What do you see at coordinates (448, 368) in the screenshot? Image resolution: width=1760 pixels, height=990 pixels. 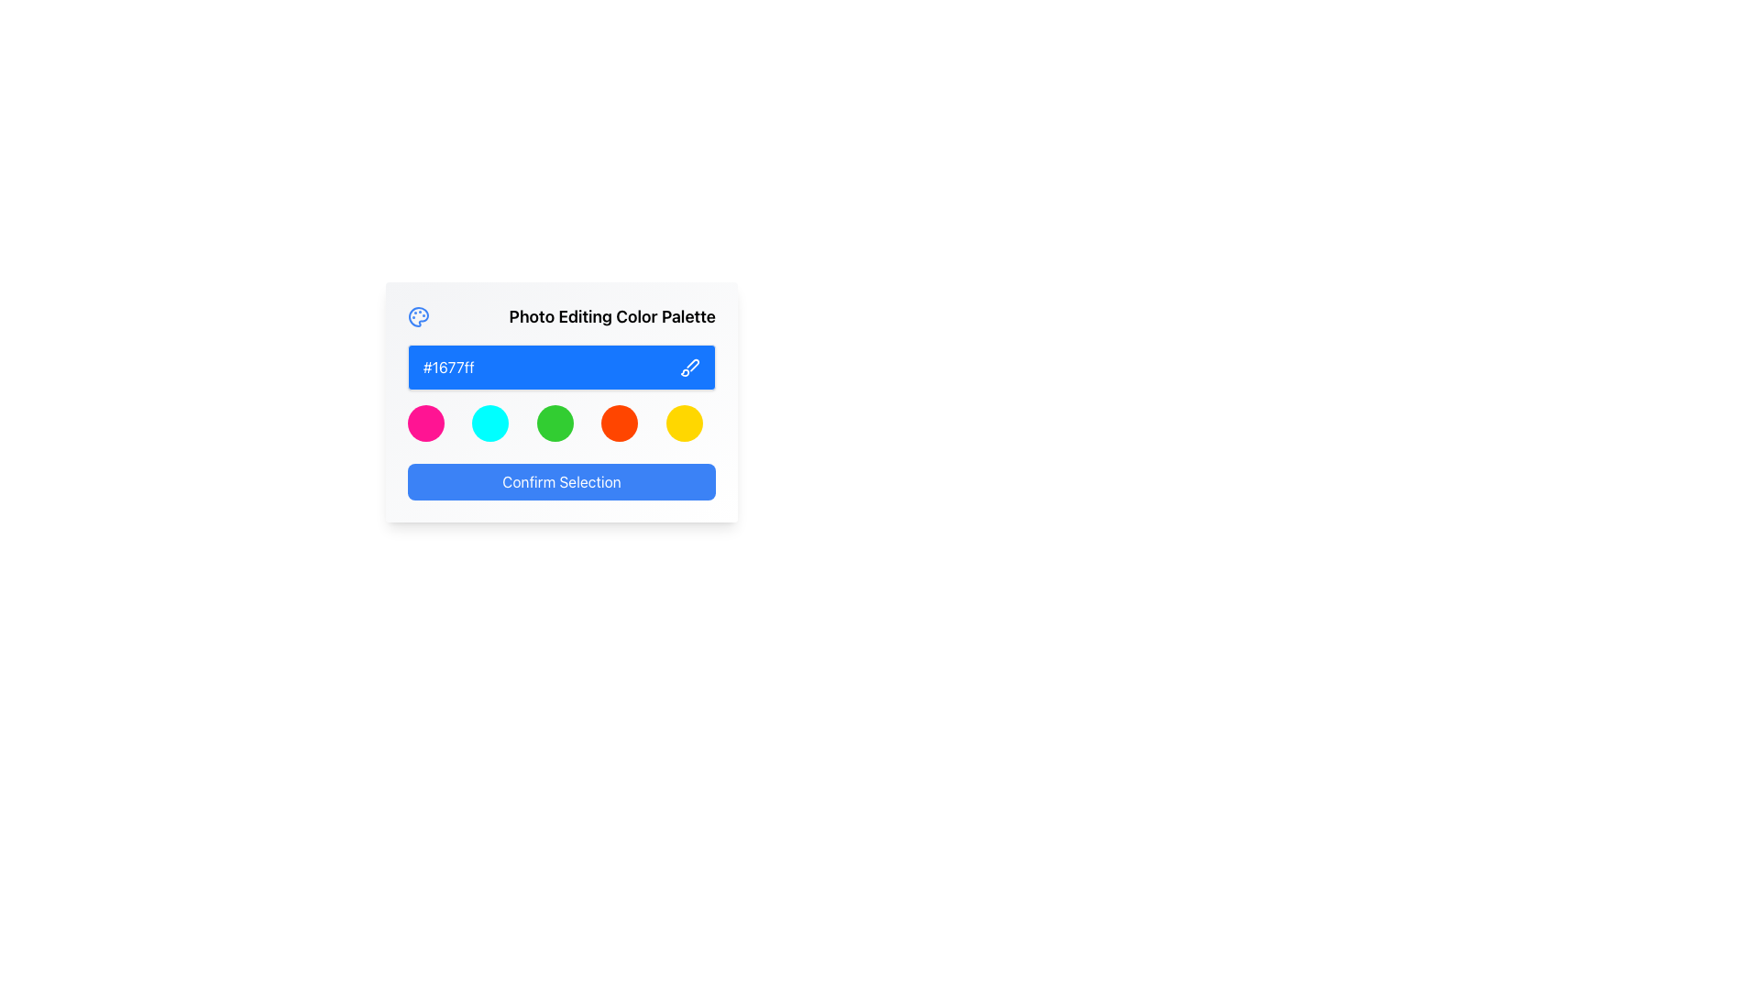 I see `the static text label displaying the hexadecimal color value` at bounding box center [448, 368].